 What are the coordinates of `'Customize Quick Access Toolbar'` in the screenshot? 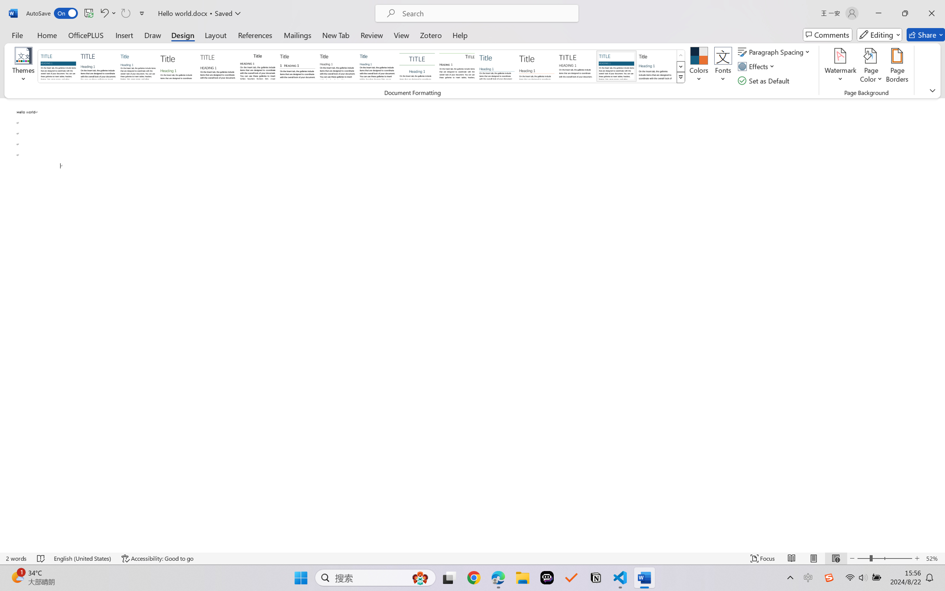 It's located at (142, 13).